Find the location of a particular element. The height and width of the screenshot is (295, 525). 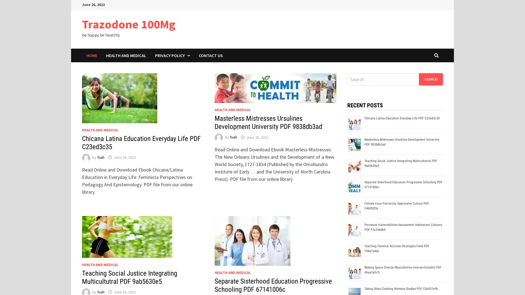

Search is located at coordinates (430, 79).